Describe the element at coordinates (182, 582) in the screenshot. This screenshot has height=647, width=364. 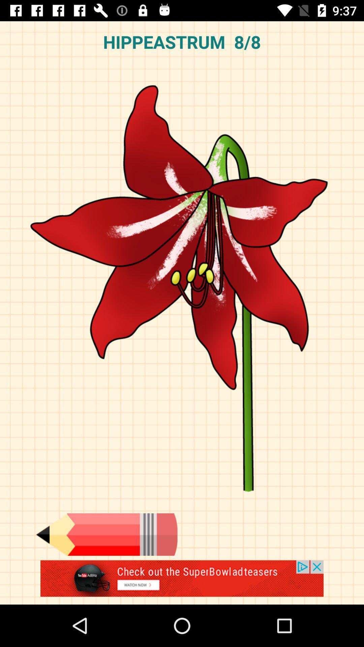
I see `advertisement` at that location.